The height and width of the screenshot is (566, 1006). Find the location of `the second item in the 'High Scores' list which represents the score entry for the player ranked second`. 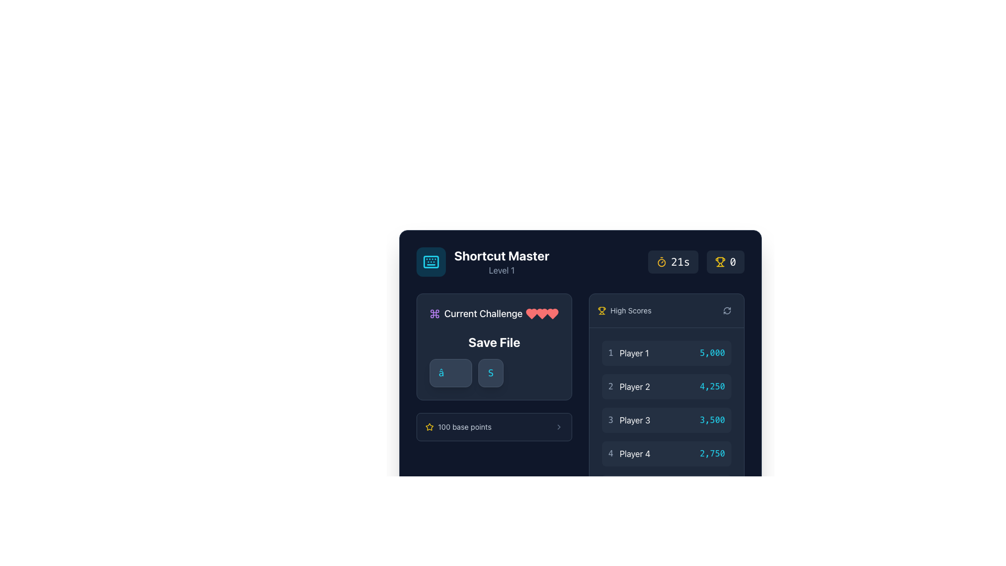

the second item in the 'High Scores' list which represents the score entry for the player ranked second is located at coordinates (666, 386).